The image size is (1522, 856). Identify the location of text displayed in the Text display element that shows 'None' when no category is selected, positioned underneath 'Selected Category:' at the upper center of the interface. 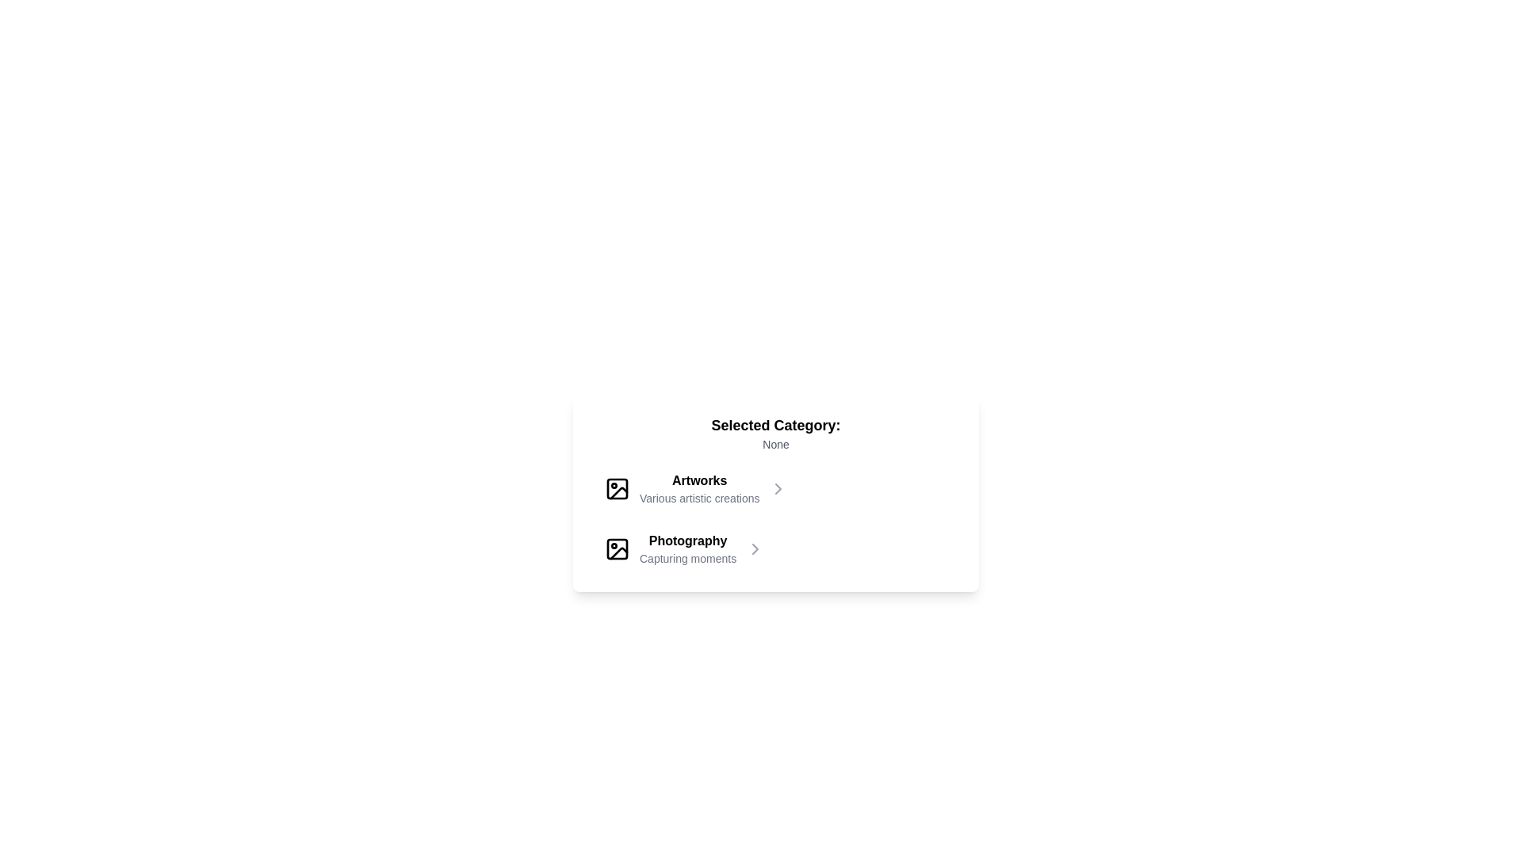
(776, 444).